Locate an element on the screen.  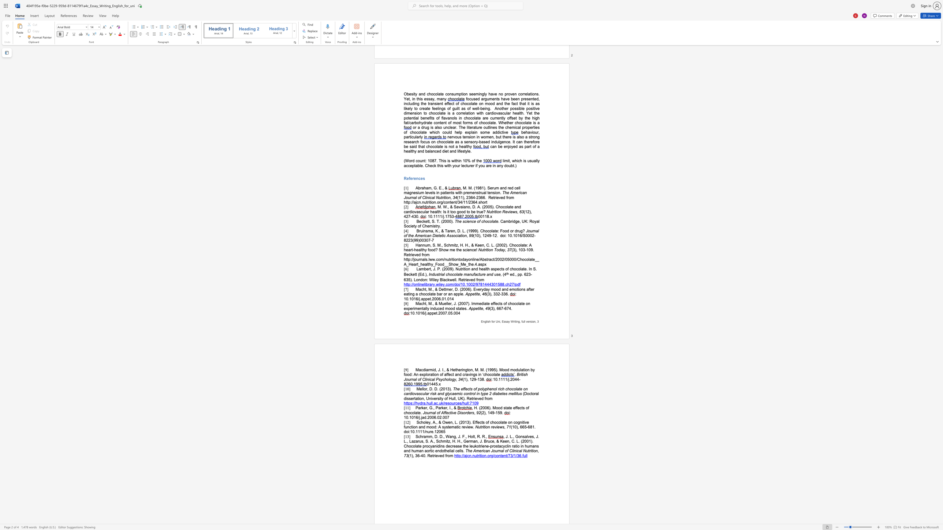
the subset text "amm, D. D" within the text "Schramm, D. D., Wang, J. F., Holt, R. R.," is located at coordinates (423, 436).